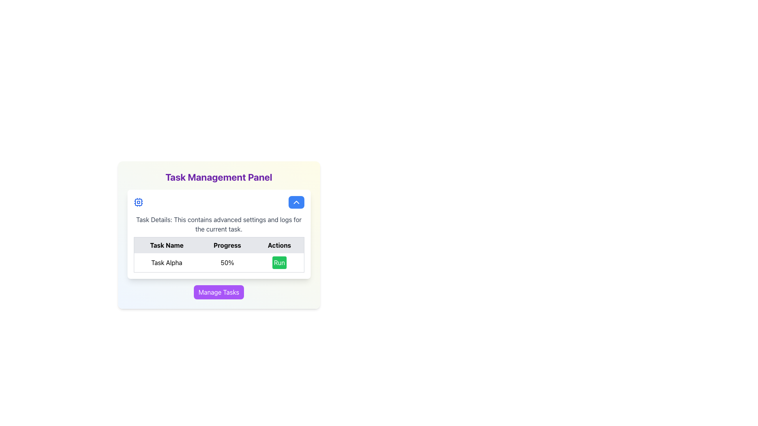 The image size is (758, 426). Describe the element at coordinates (219, 224) in the screenshot. I see `the static text block that reads 'Task Details: This contains advanced settings and logs for the current task.' which is styled with a gray hue and positioned above the table in the 'Task Management Panel.'` at that location.